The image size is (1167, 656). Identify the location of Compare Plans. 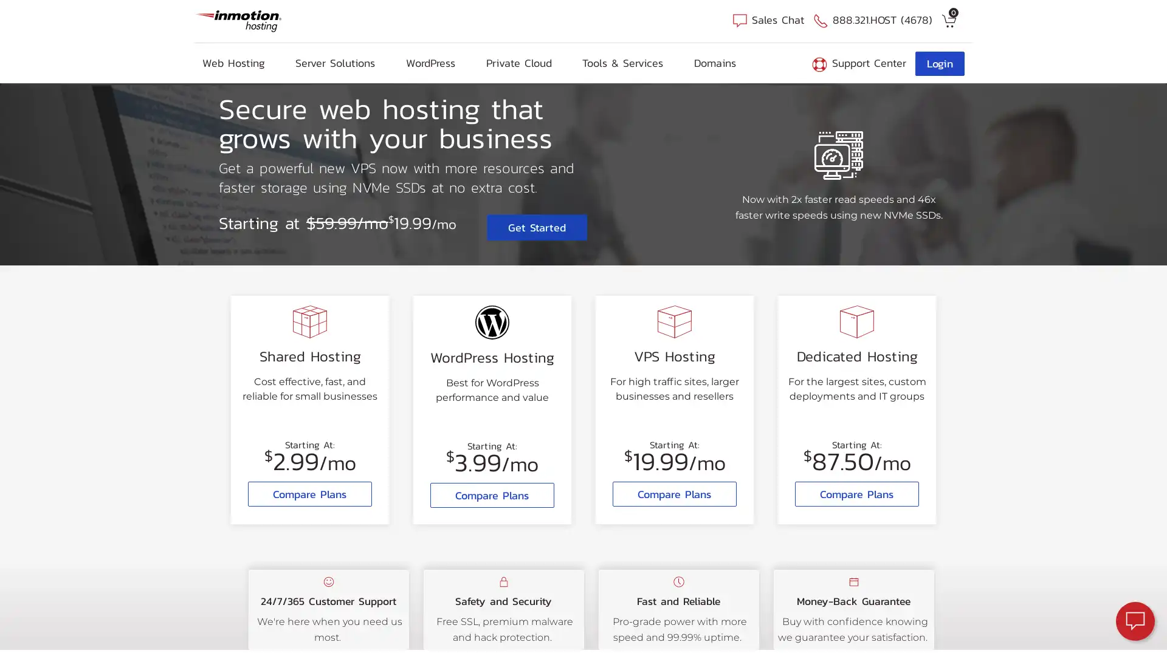
(856, 494).